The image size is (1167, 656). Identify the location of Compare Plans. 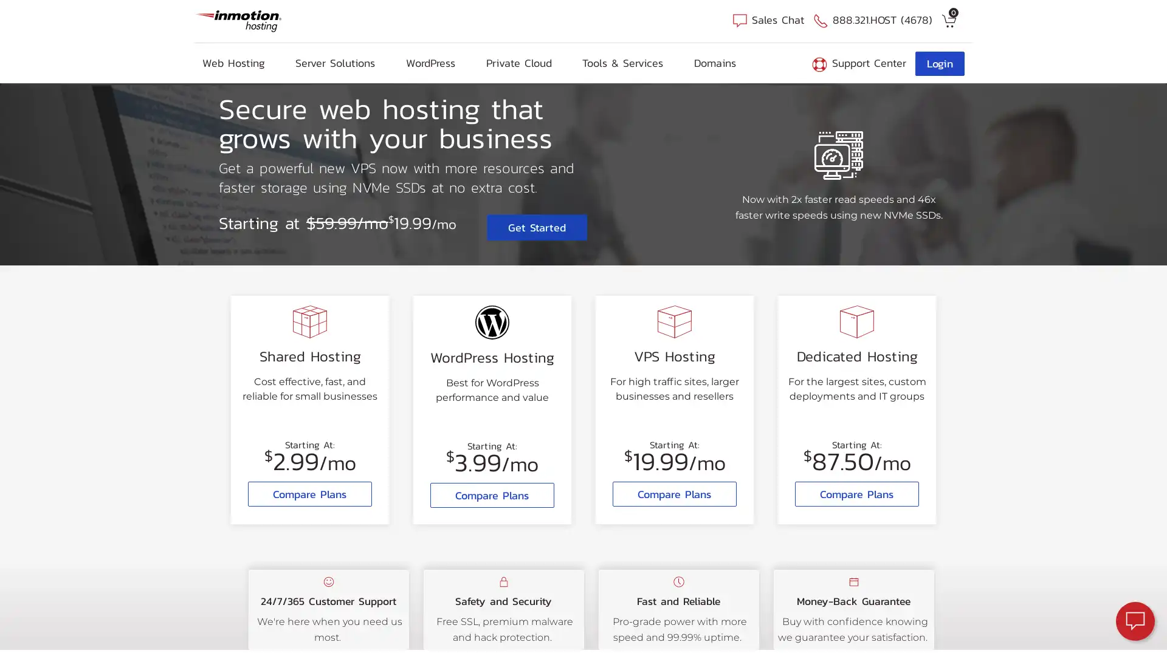
(856, 494).